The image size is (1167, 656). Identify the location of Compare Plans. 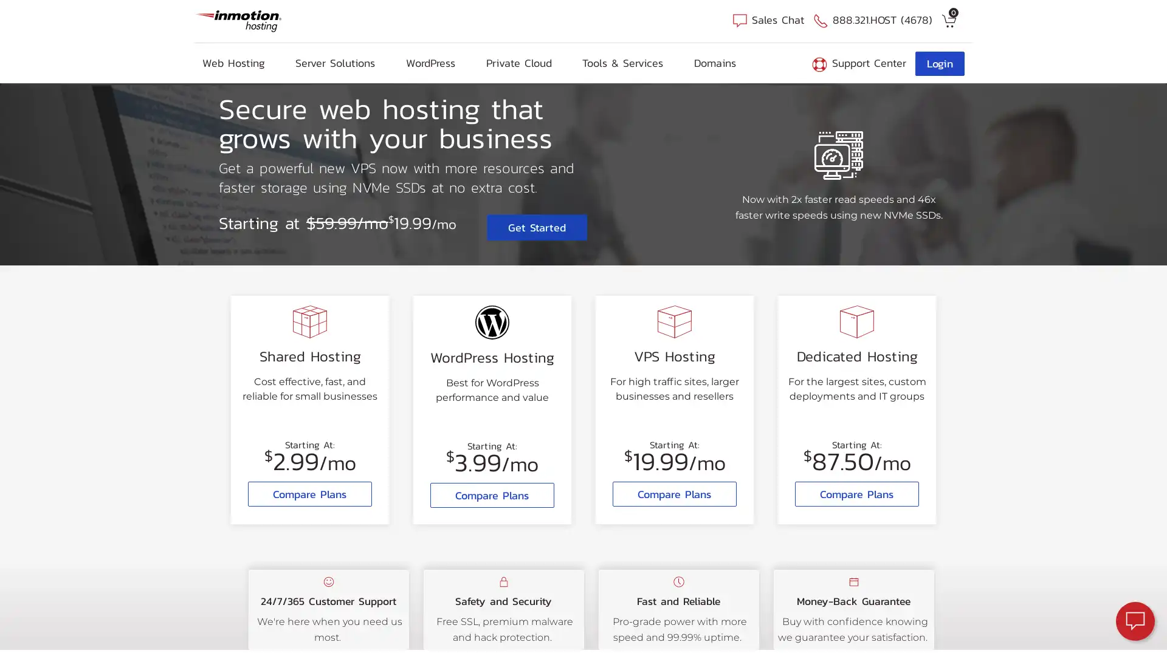
(856, 494).